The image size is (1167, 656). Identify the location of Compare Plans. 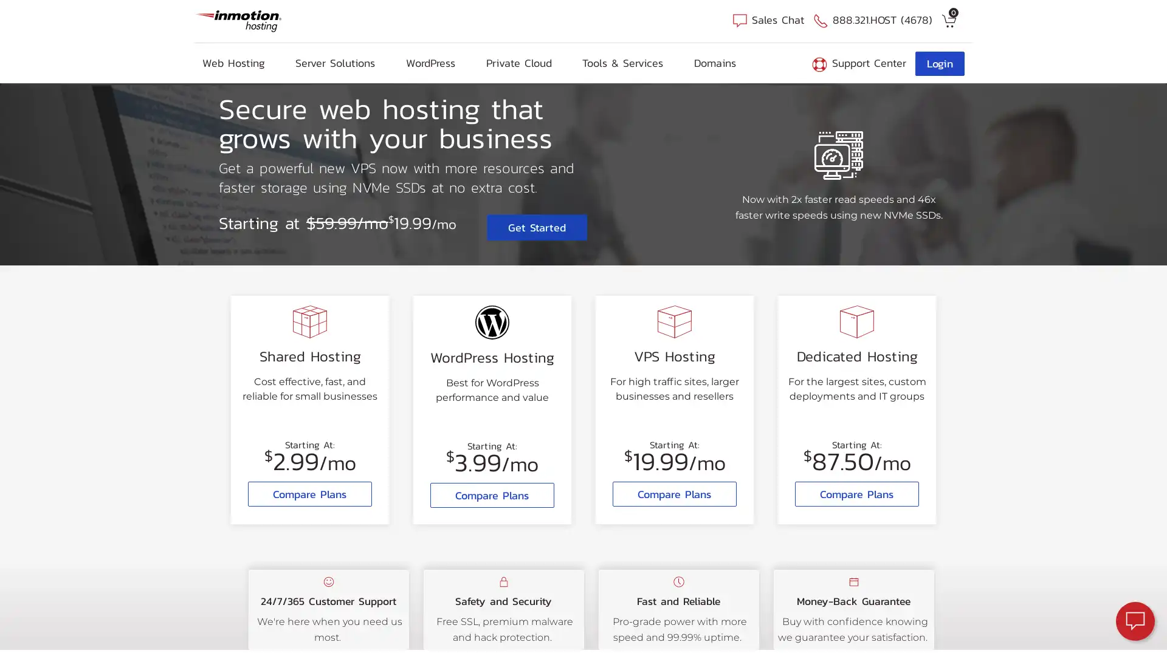
(856, 494).